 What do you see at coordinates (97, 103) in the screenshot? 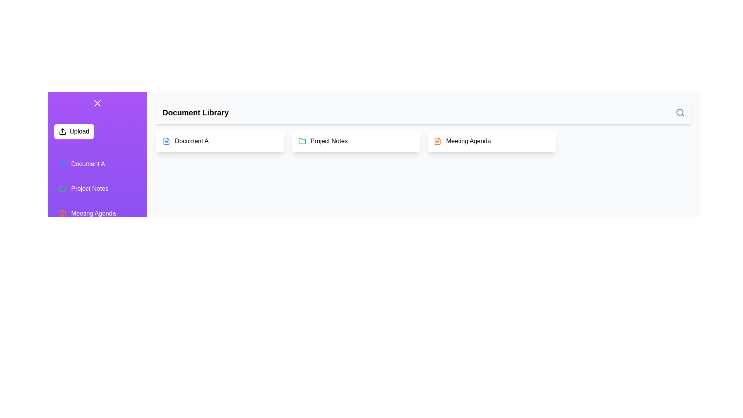
I see `the toggle button located at the top-left corner of the drawer to toggle its visibility` at bounding box center [97, 103].